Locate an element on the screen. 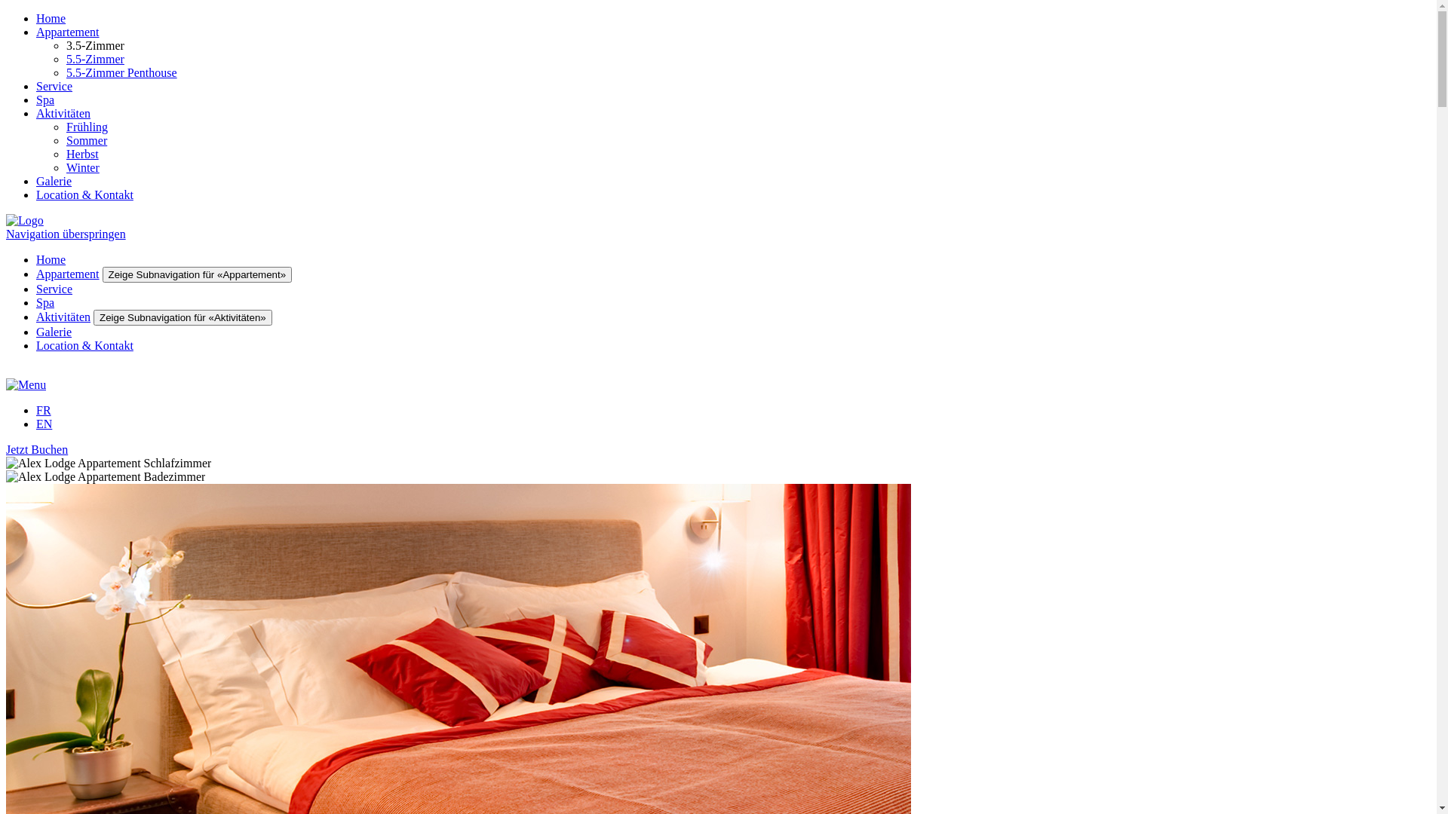 The width and height of the screenshot is (1448, 814). 'Winter' is located at coordinates (82, 167).